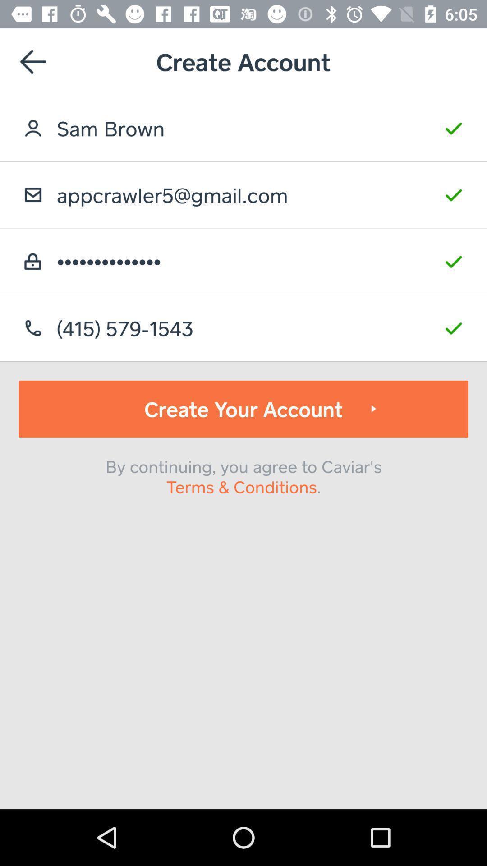 This screenshot has height=866, width=487. I want to click on go back, so click(32, 61).